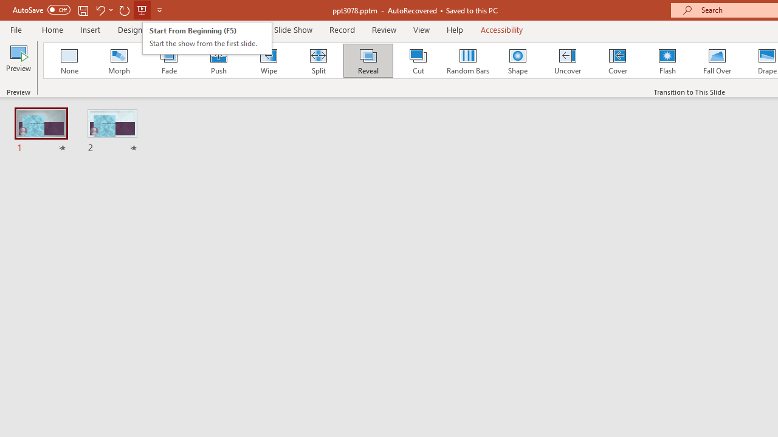 The width and height of the screenshot is (778, 437). I want to click on 'Fall Over', so click(717, 61).